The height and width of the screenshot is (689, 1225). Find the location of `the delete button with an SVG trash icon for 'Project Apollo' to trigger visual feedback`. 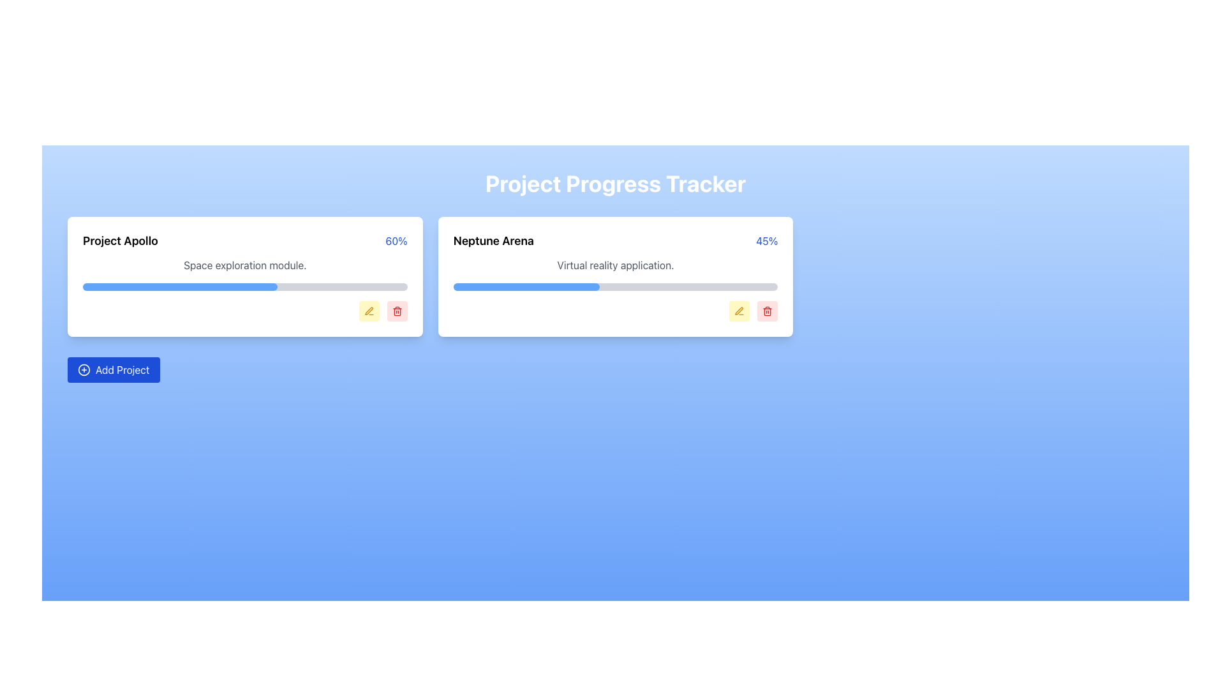

the delete button with an SVG trash icon for 'Project Apollo' to trigger visual feedback is located at coordinates (396, 311).